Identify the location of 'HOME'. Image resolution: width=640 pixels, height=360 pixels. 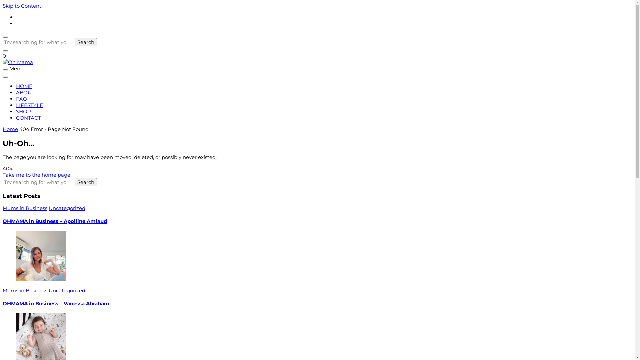
(24, 86).